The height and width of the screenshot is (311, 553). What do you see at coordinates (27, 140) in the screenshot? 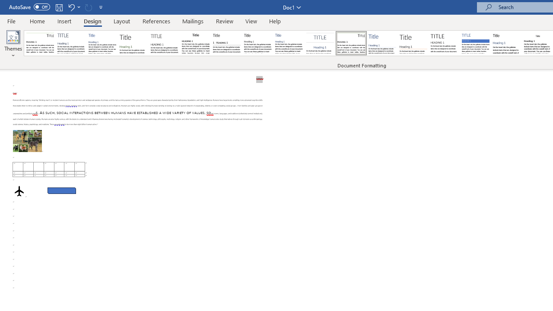
I see `'Morphological variation in six dogs'` at bounding box center [27, 140].